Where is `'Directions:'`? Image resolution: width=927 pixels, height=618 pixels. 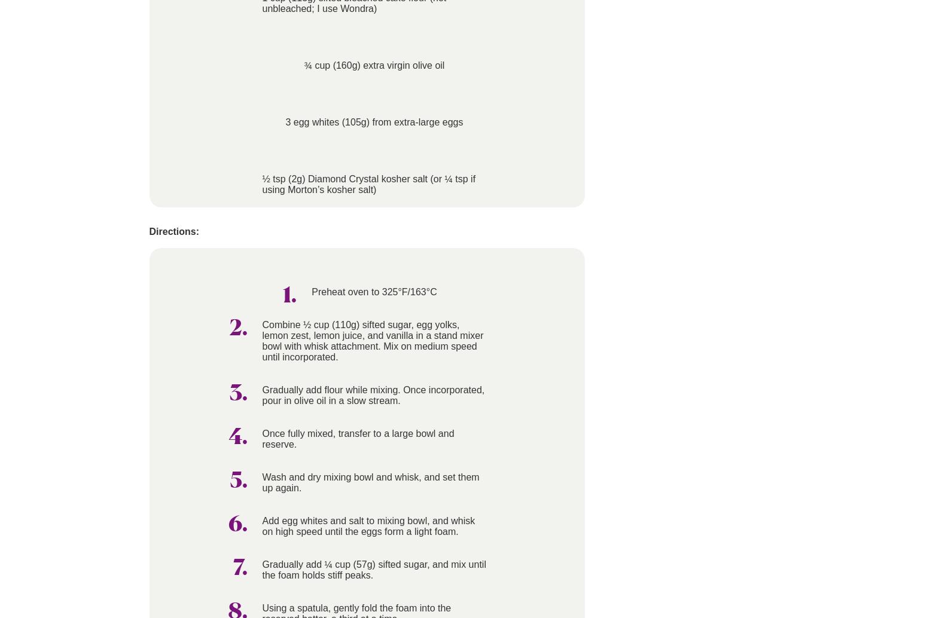
'Directions:' is located at coordinates (173, 231).